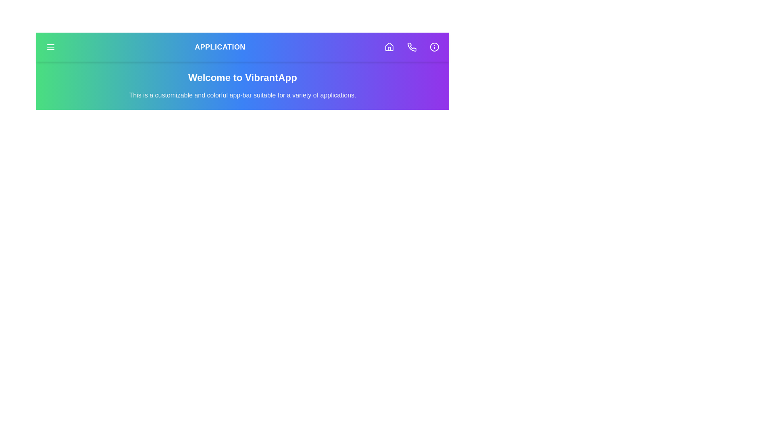  Describe the element at coordinates (389, 47) in the screenshot. I see `the home button in the navigation bar` at that location.